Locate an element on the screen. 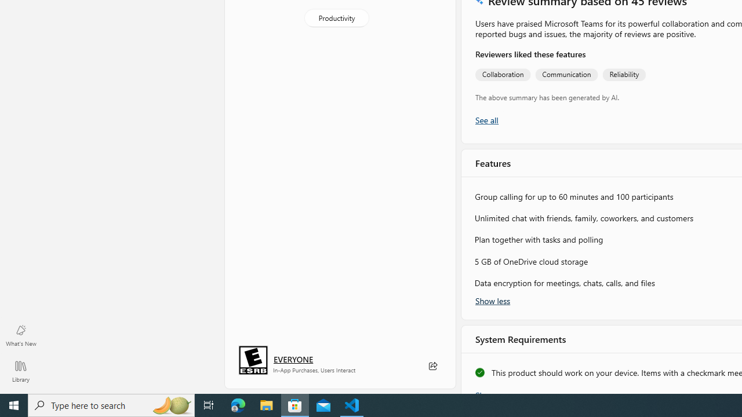 The image size is (742, 417). 'Show less' is located at coordinates (493, 299).